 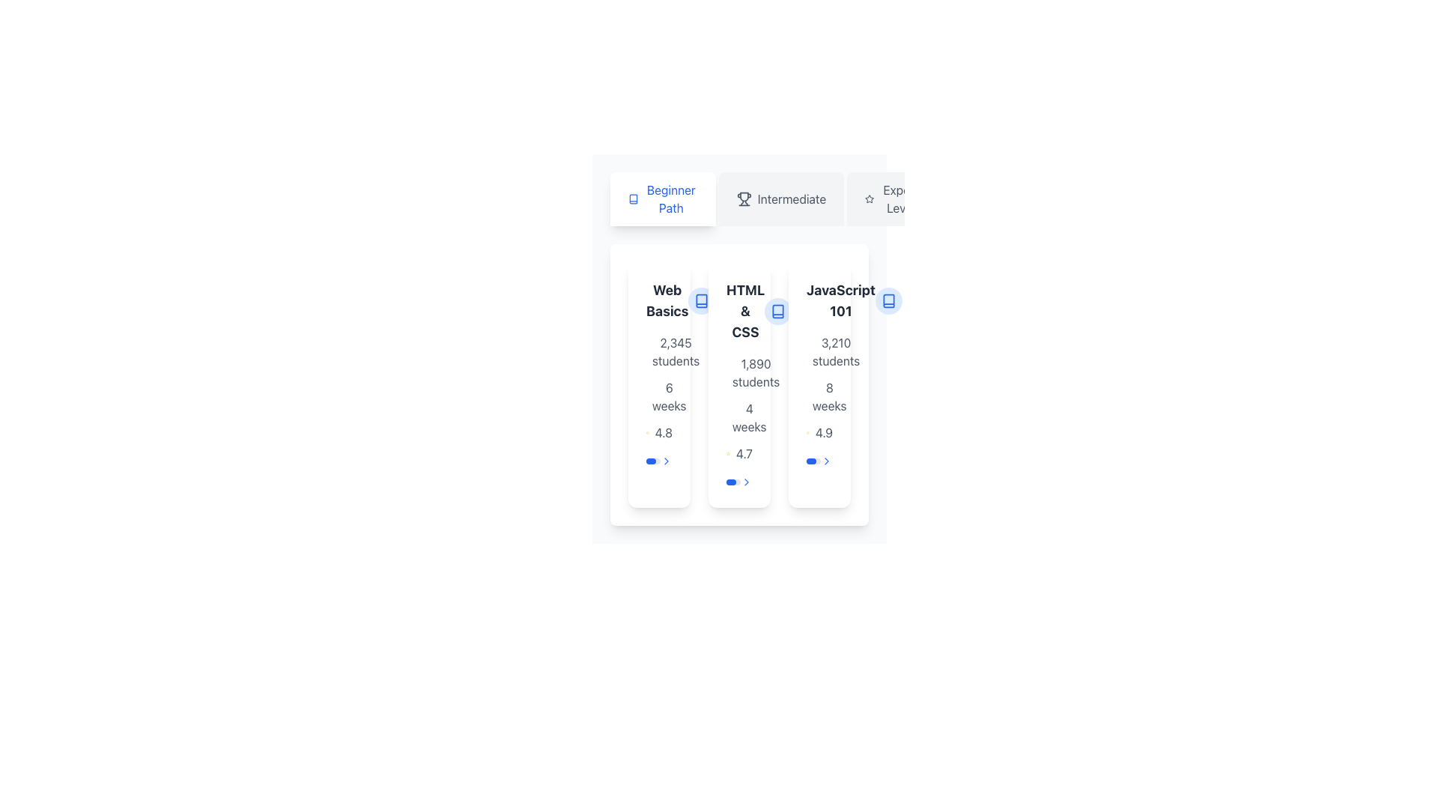 What do you see at coordinates (659, 396) in the screenshot?
I see `the text element displaying the duration '6 weeks', which is styled with a gray font and accompanied by a small clock icon, located within the first course card in a vertical list of text elements` at bounding box center [659, 396].